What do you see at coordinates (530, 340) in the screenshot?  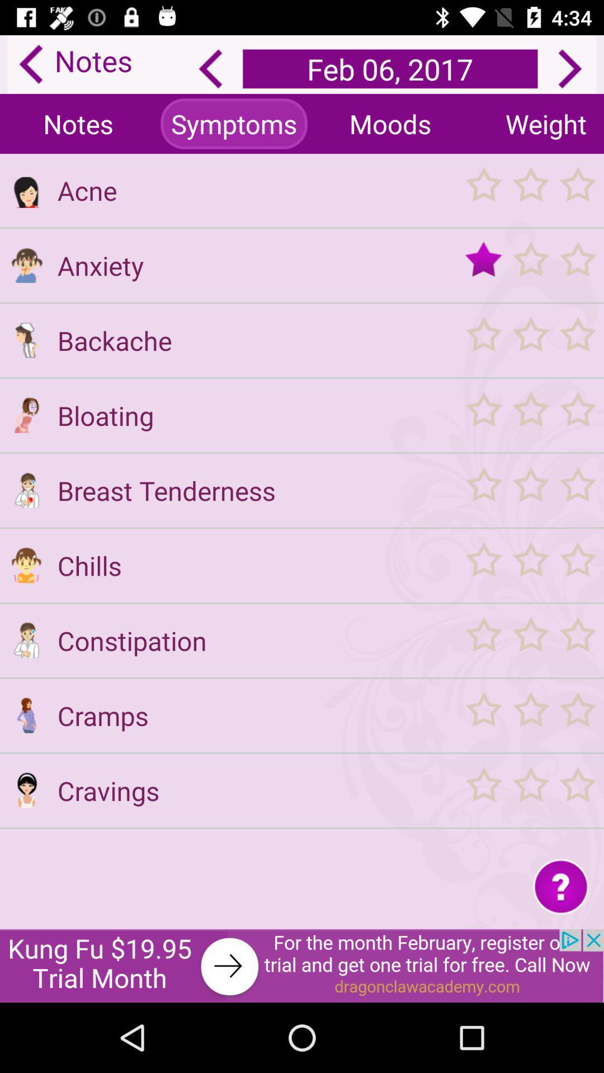 I see `rate daily symptom` at bounding box center [530, 340].